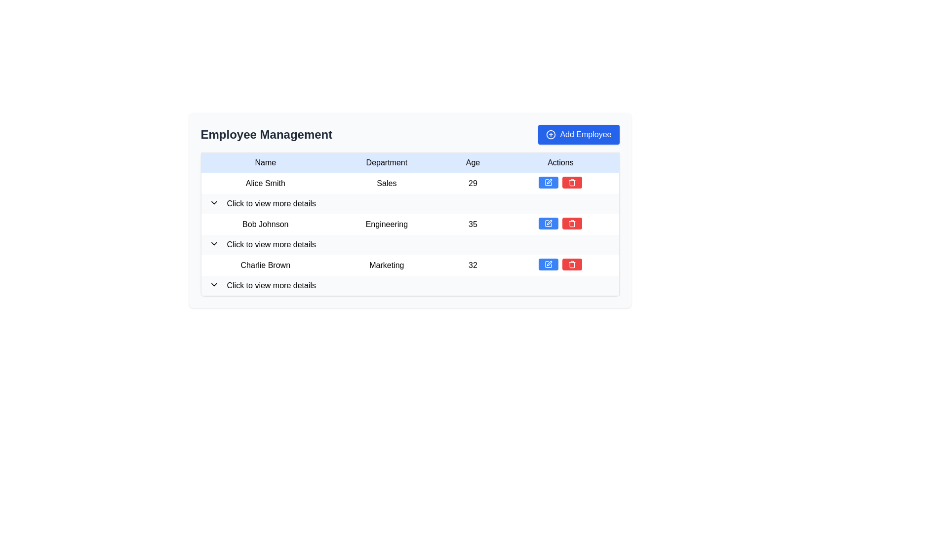 Image resolution: width=948 pixels, height=533 pixels. Describe the element at coordinates (473, 224) in the screenshot. I see `the text block displaying the age attribute for 'Bob Johnson' in the Engineering department, located in the third column of the data record table` at that location.